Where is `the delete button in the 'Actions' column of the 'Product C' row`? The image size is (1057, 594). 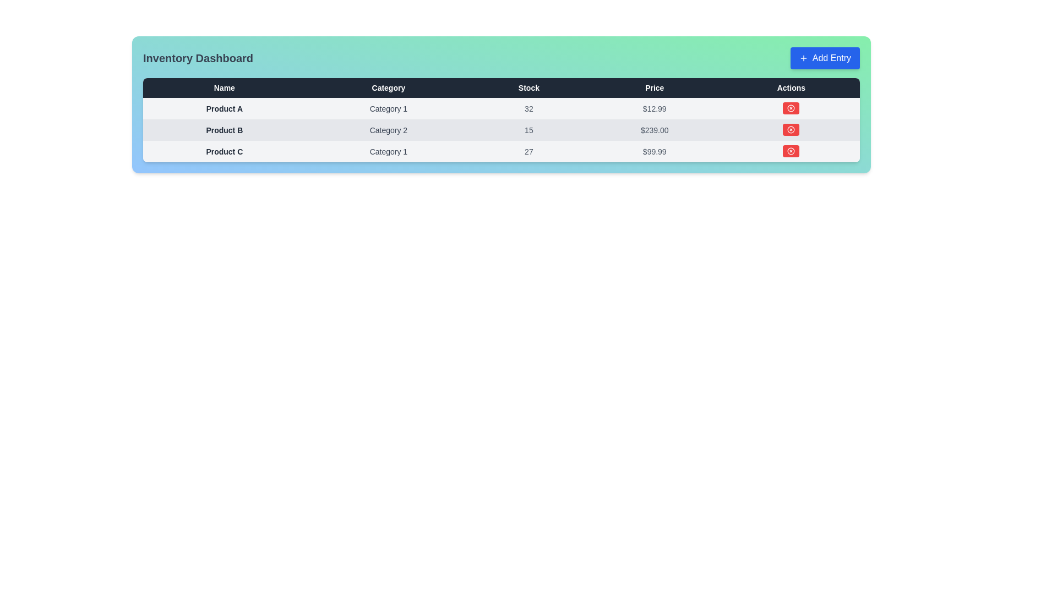
the delete button in the 'Actions' column of the 'Product C' row is located at coordinates (791, 151).